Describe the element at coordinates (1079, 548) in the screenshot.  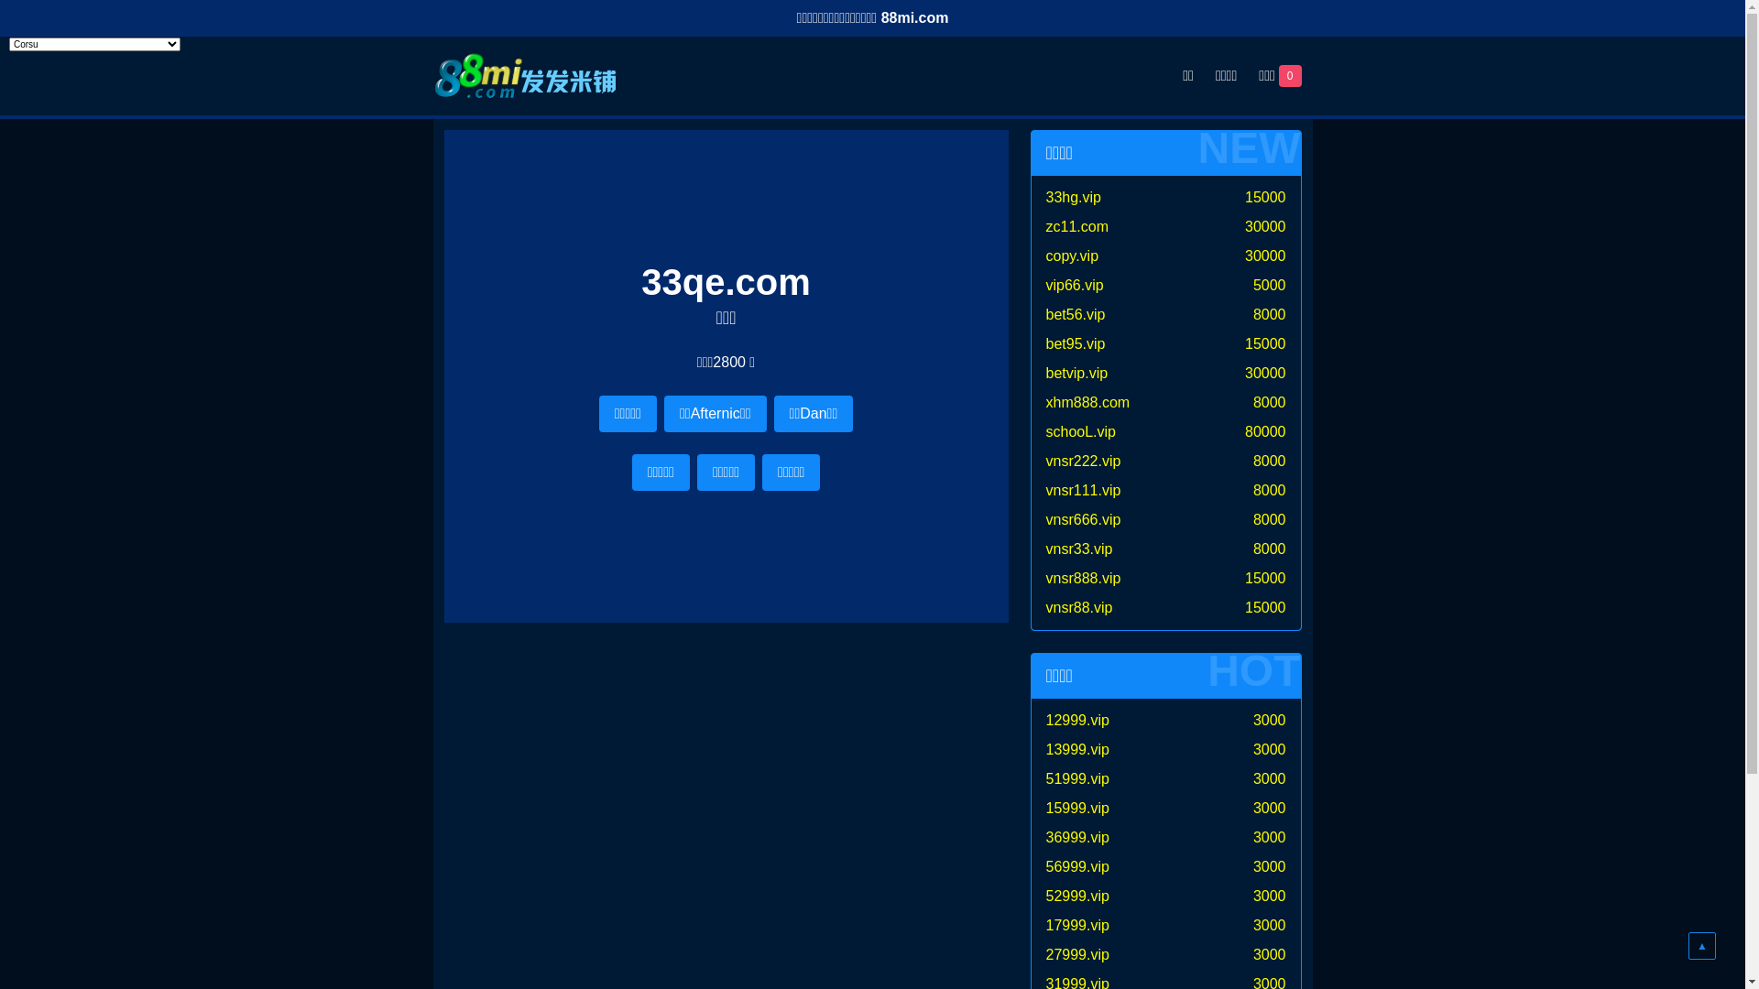
I see `'vnsr33.vip'` at that location.